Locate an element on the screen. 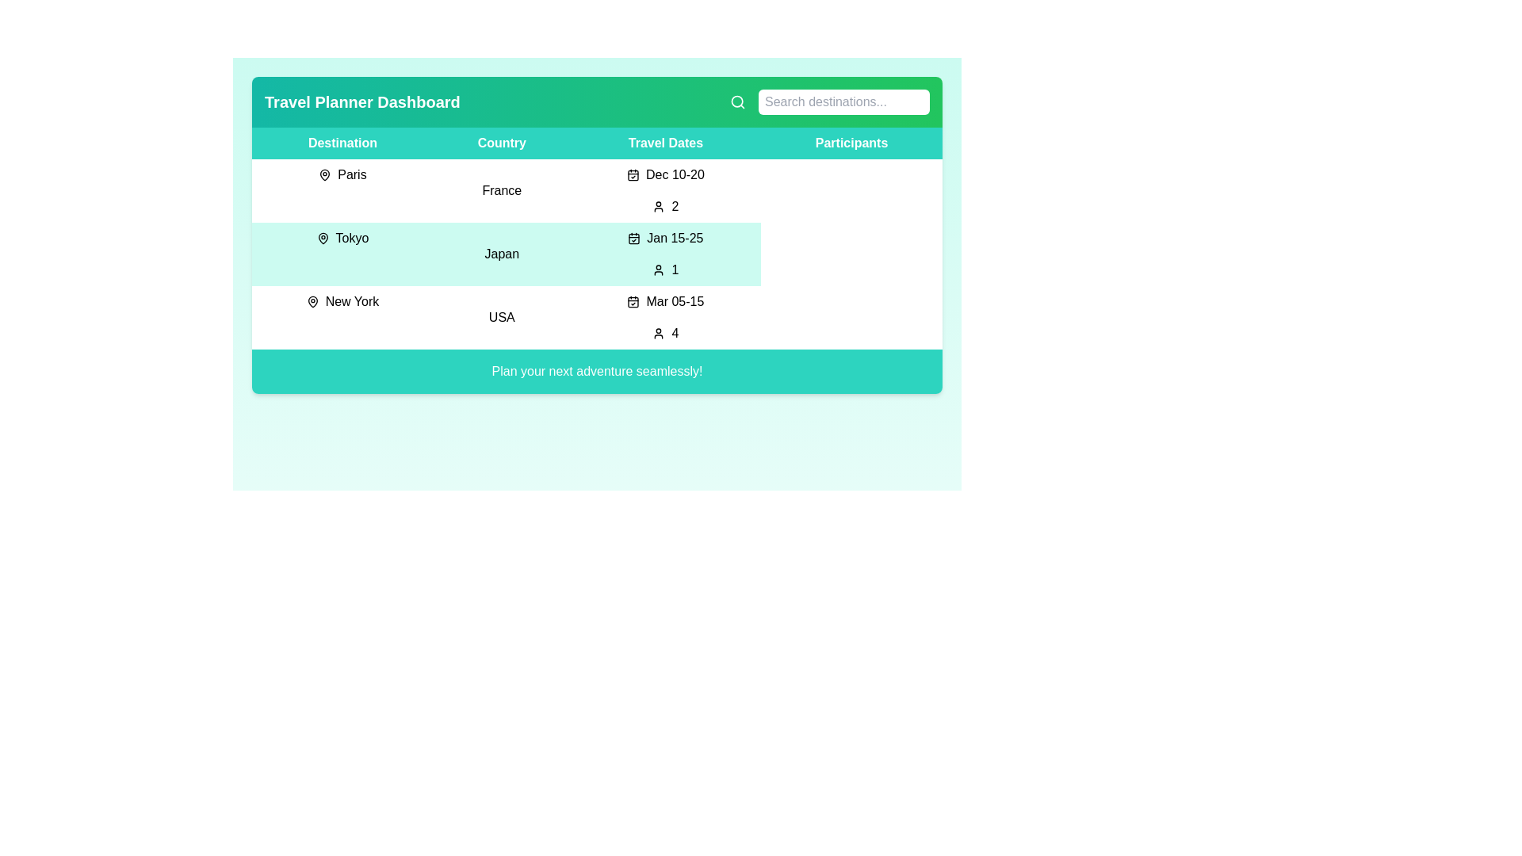 The width and height of the screenshot is (1522, 856). the static label representing the country in the second row of the 'Country' column, which is adjacent to 'Tokyo' on the left and 'Jan 15-25' on the right is located at coordinates (501, 253).